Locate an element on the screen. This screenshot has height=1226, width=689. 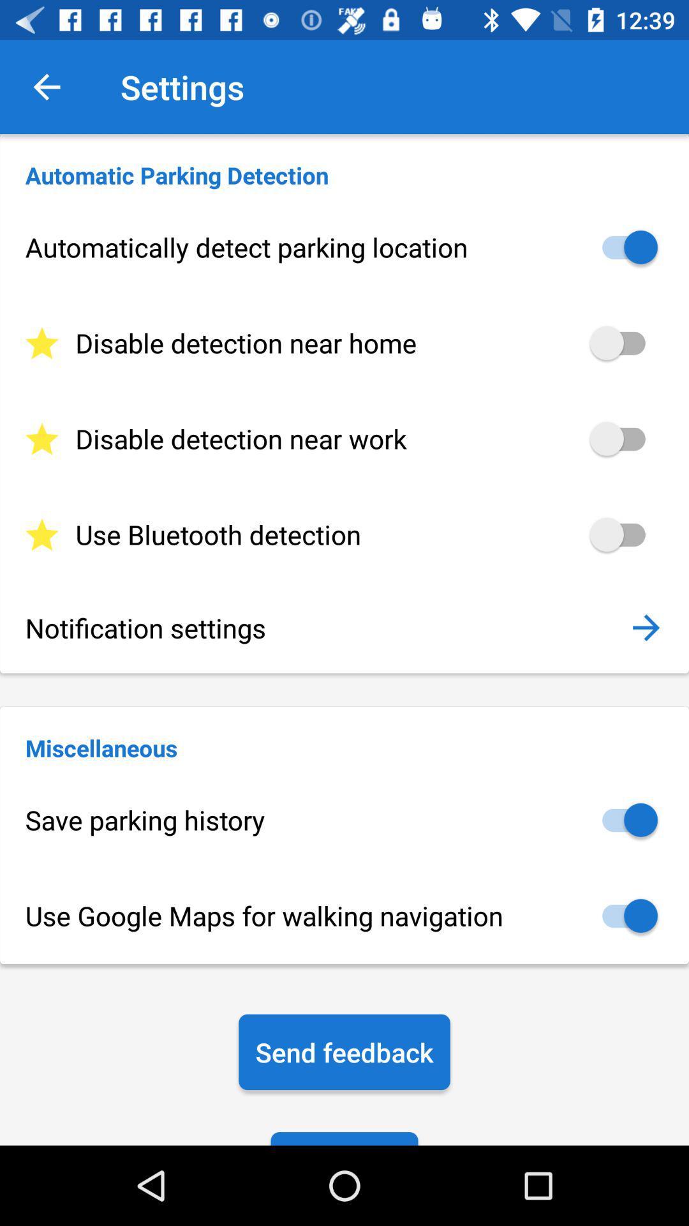
item below miscellaneous item is located at coordinates (344, 820).